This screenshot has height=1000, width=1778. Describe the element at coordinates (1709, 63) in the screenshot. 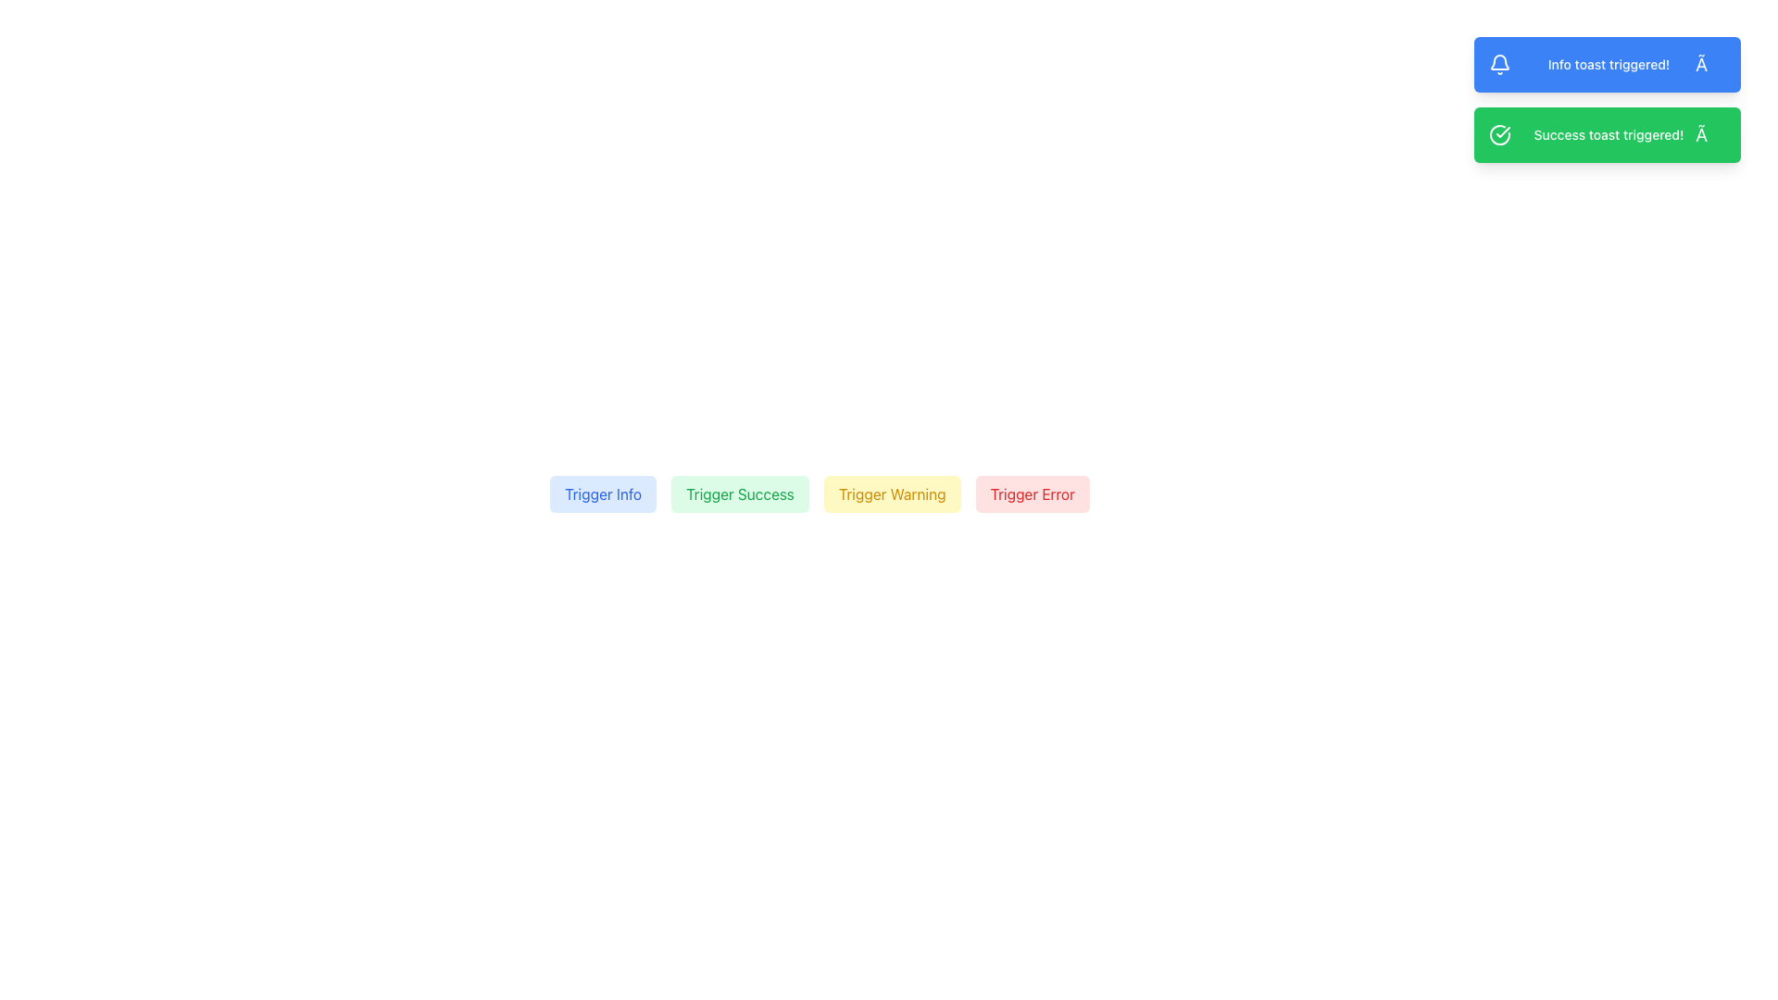

I see `the close button located at the right-most position of the blue notification bar` at that location.